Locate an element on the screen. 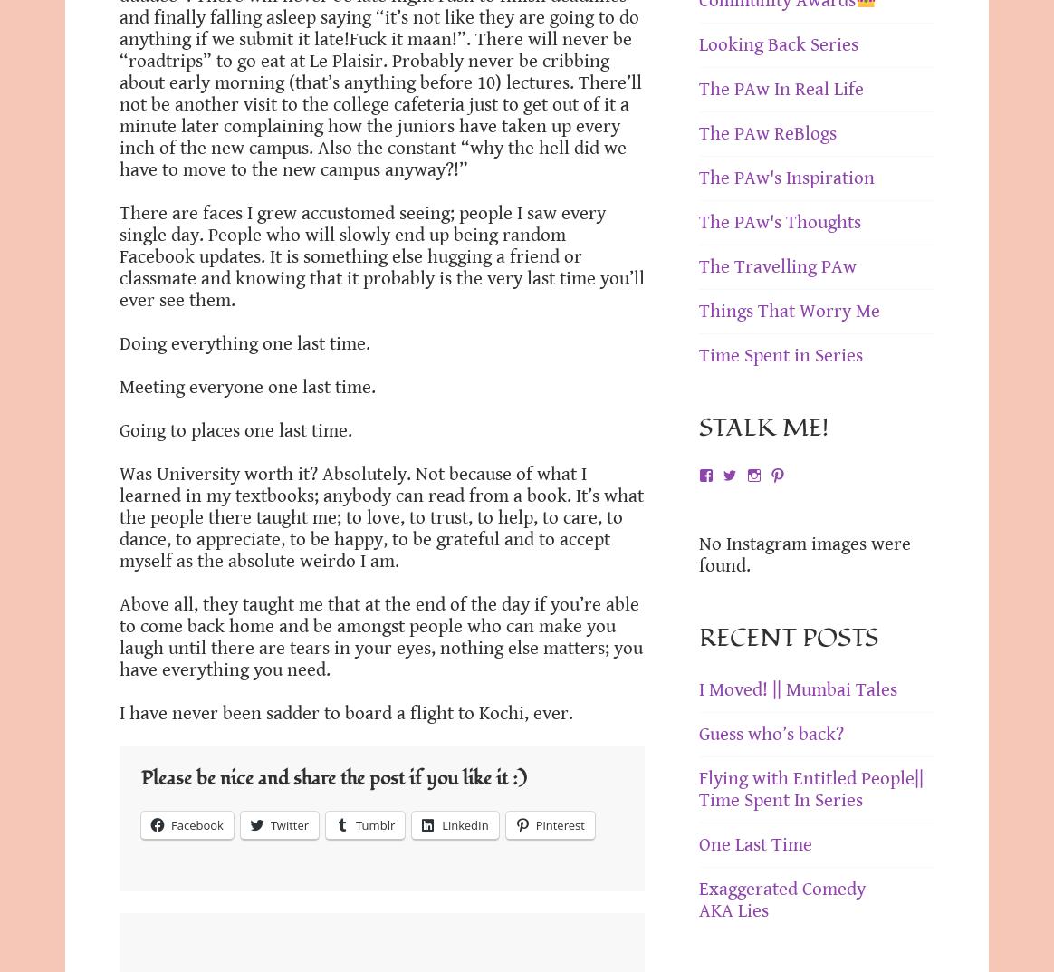  'The PAw ReBlogs' is located at coordinates (766, 132).